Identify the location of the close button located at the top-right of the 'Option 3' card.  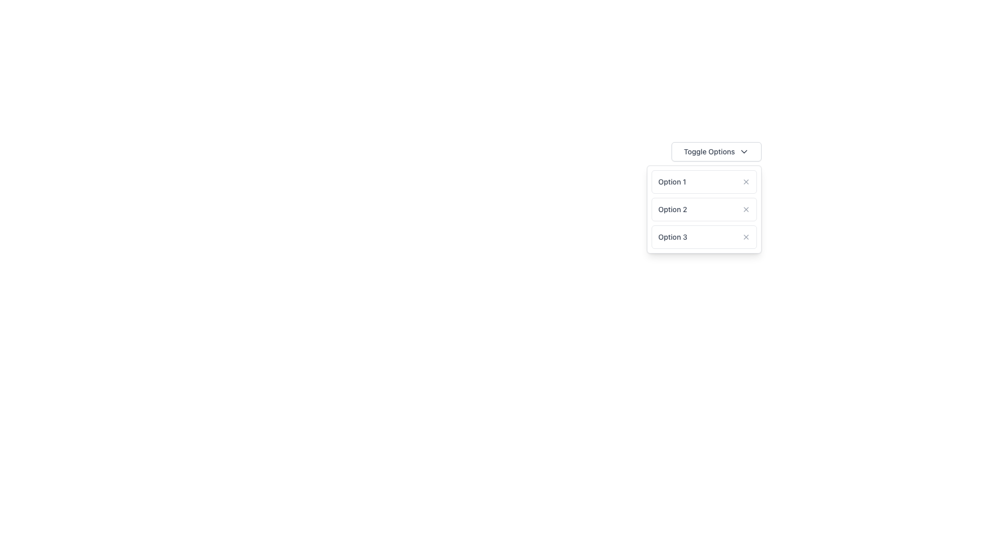
(746, 237).